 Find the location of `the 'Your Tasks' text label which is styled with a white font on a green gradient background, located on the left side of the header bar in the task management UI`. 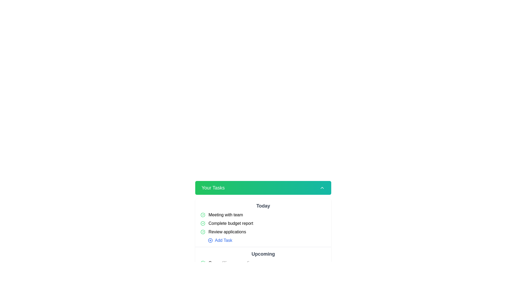

the 'Your Tasks' text label which is styled with a white font on a green gradient background, located on the left side of the header bar in the task management UI is located at coordinates (213, 187).